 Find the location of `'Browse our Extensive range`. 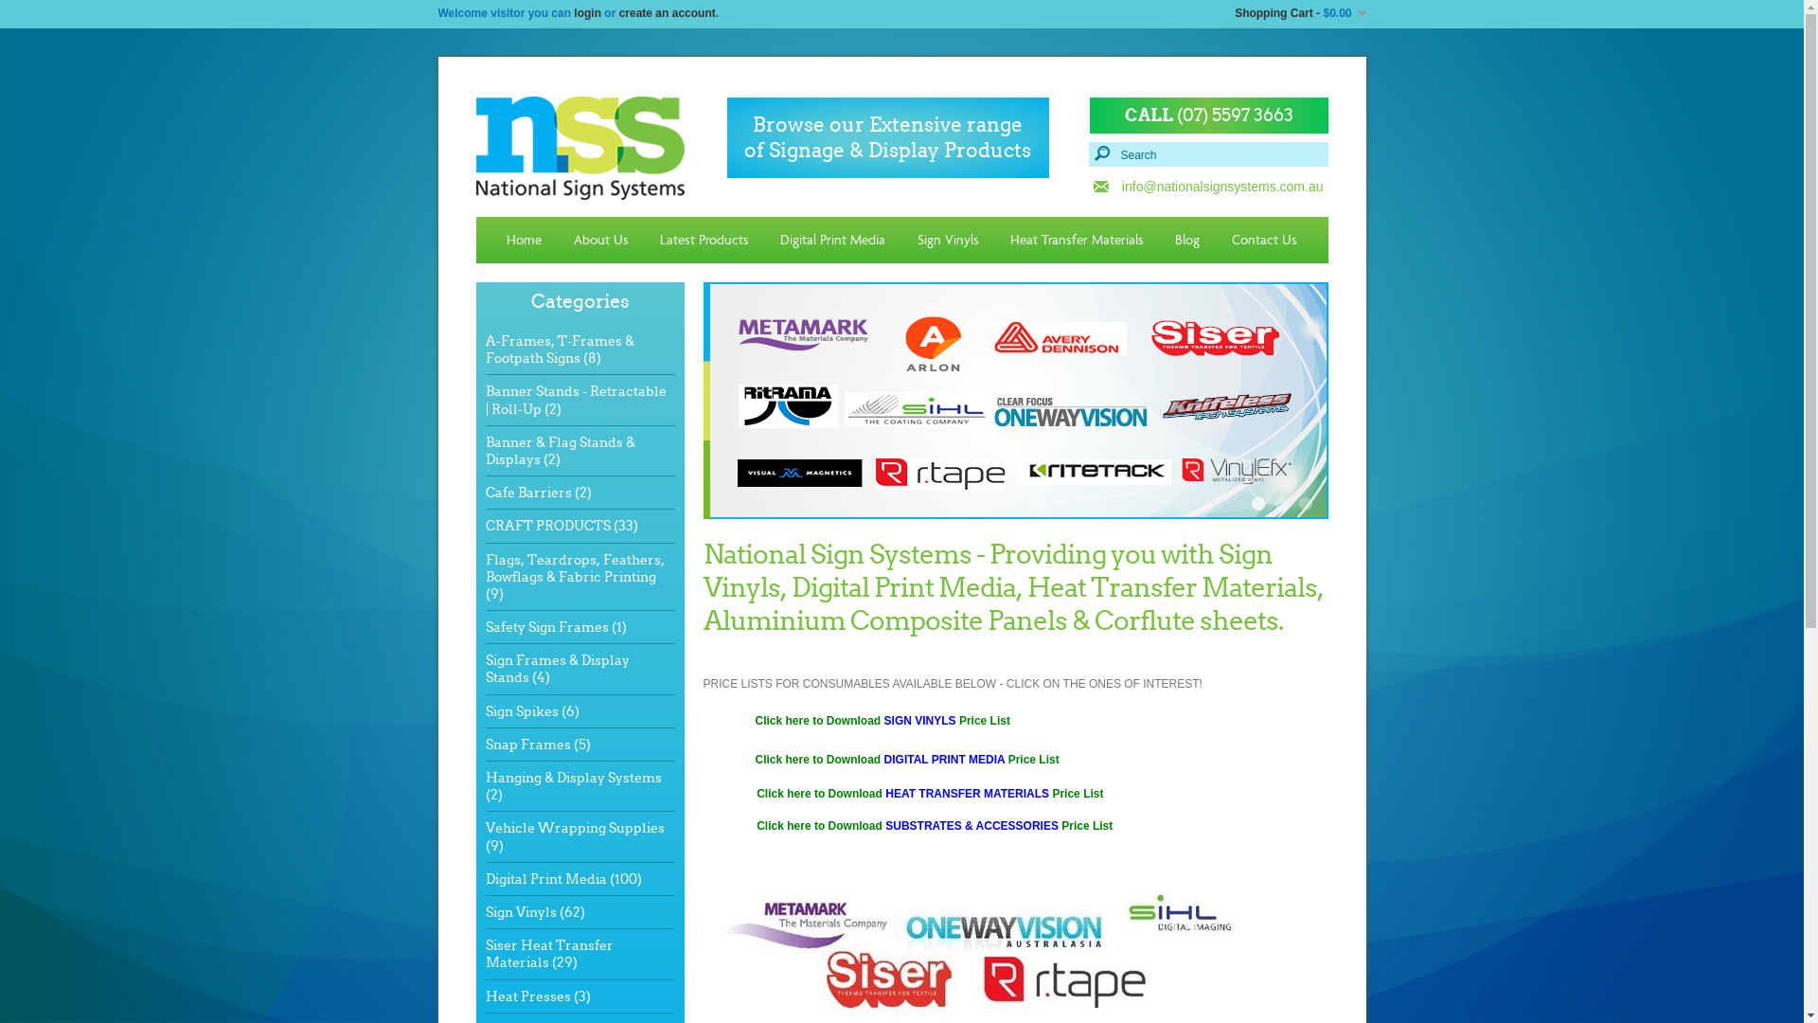

'Browse our Extensive range is located at coordinates (886, 136).